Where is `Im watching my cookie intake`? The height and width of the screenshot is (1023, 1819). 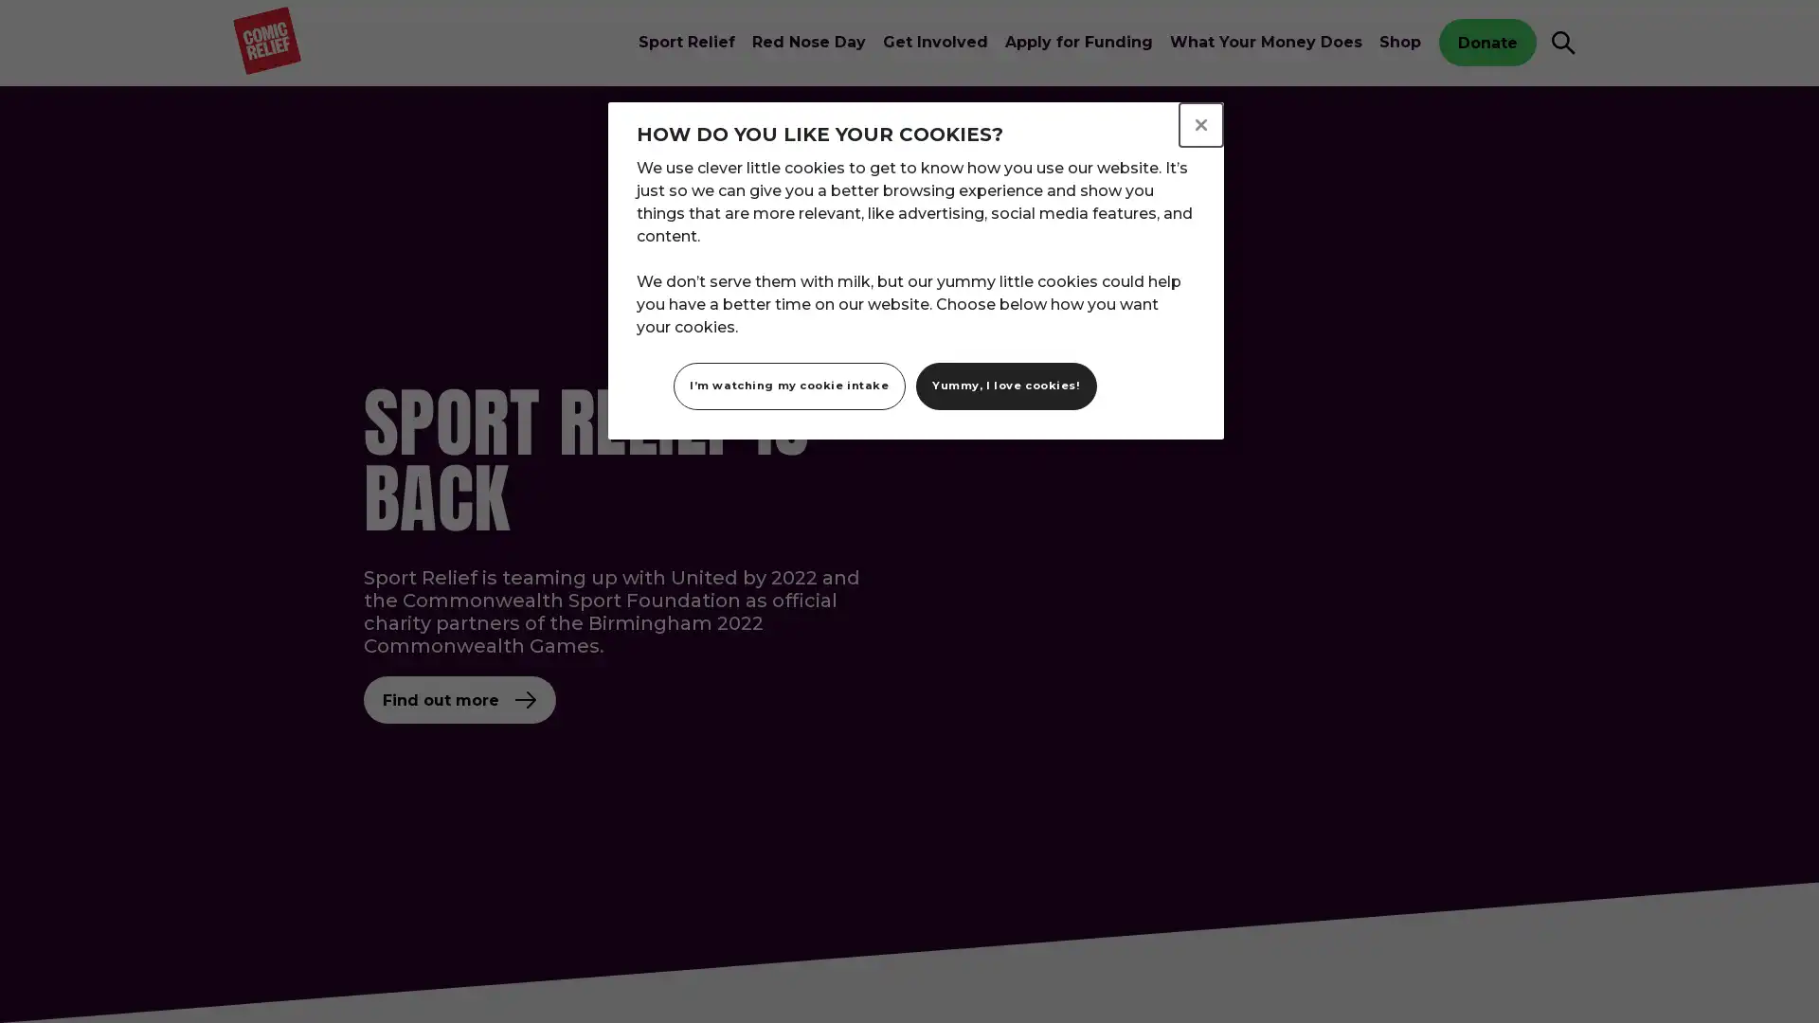
Im watching my cookie intake is located at coordinates (789, 385).